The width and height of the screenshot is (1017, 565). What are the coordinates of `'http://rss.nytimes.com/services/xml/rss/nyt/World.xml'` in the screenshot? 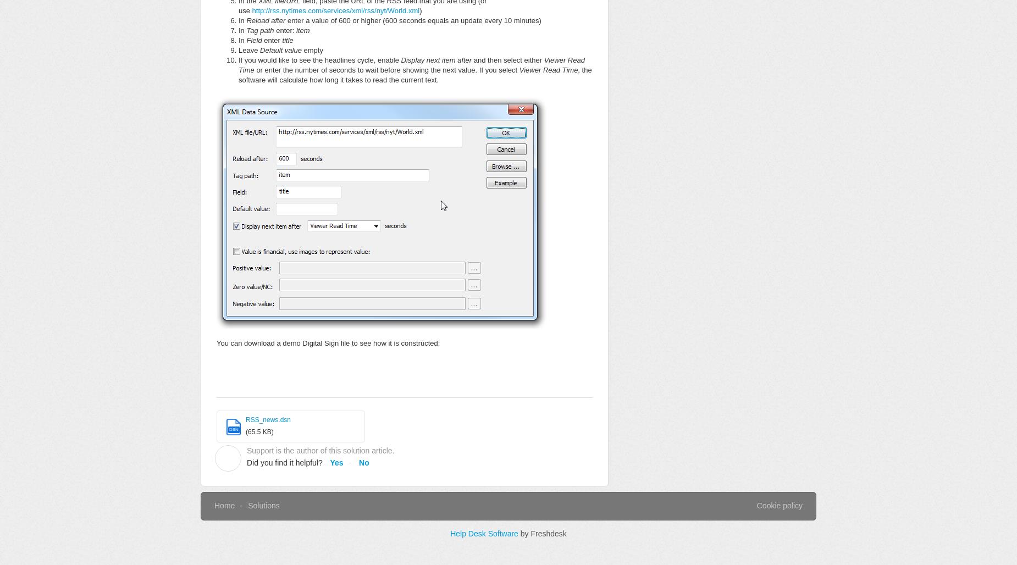 It's located at (251, 10).